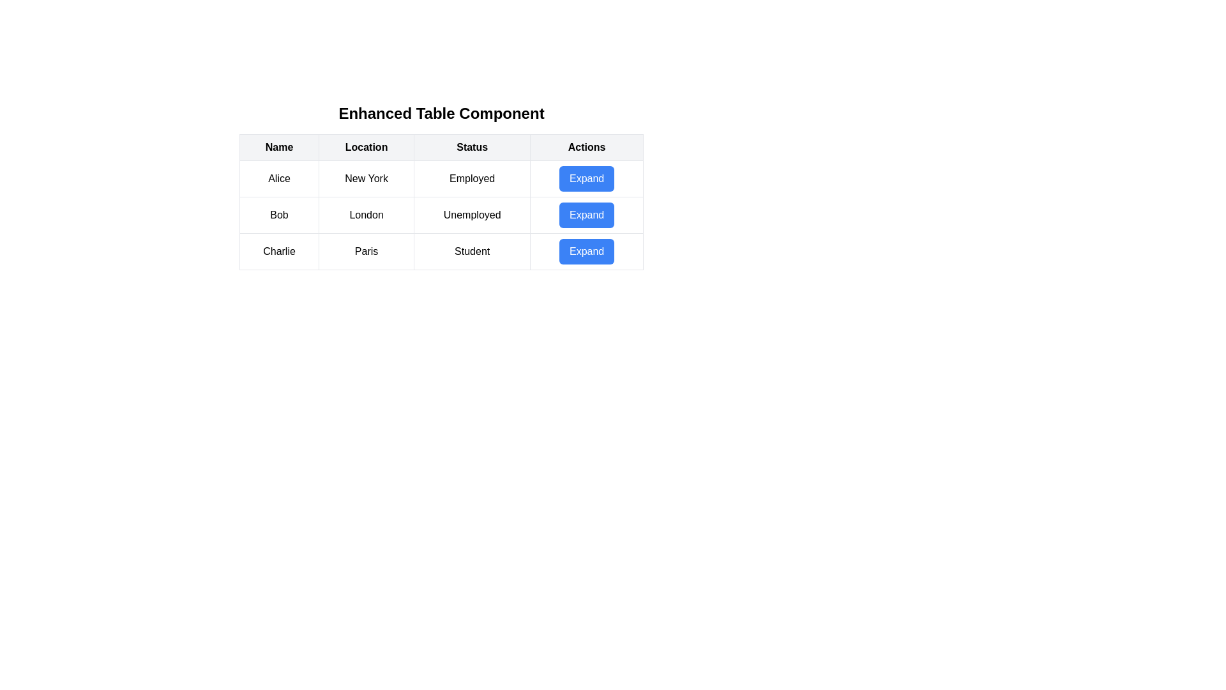  Describe the element at coordinates (366, 179) in the screenshot. I see `the text label displaying 'New York' in the second cell of the first row under the 'Location' header in the table structure` at that location.